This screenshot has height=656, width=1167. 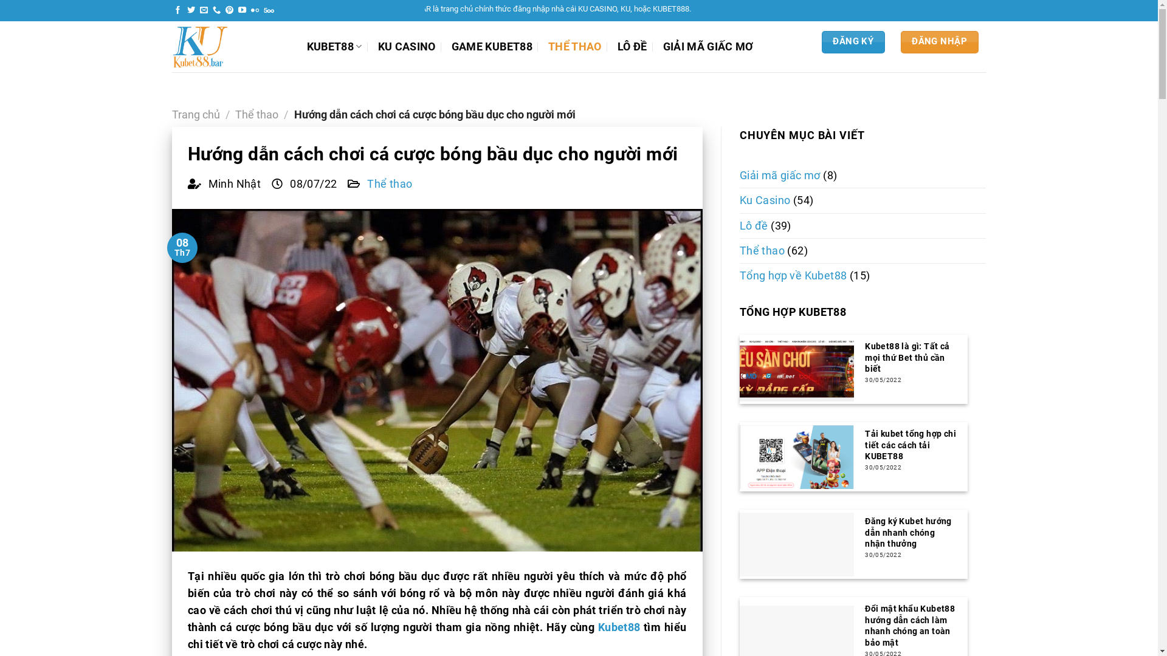 What do you see at coordinates (190, 10) in the screenshot?
I see `'Follow on Twitter'` at bounding box center [190, 10].